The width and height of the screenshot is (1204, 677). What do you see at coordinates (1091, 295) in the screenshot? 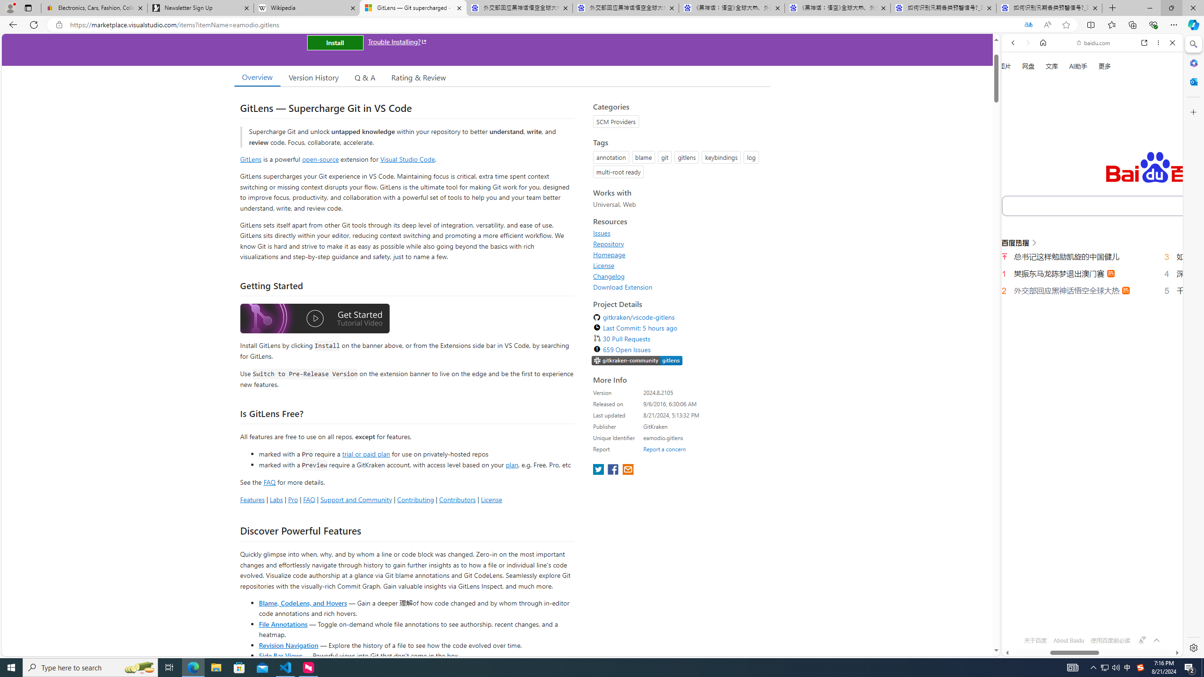
I see `'English (Uk)'` at bounding box center [1091, 295].